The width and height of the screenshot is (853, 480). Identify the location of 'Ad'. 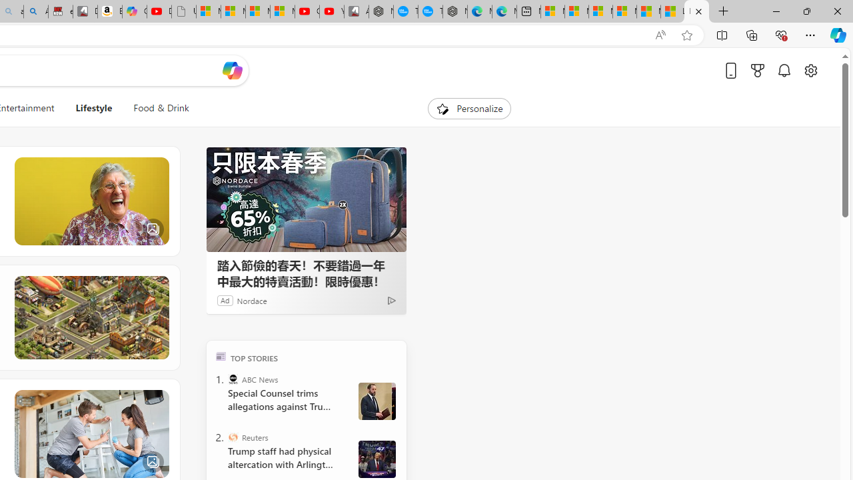
(225, 300).